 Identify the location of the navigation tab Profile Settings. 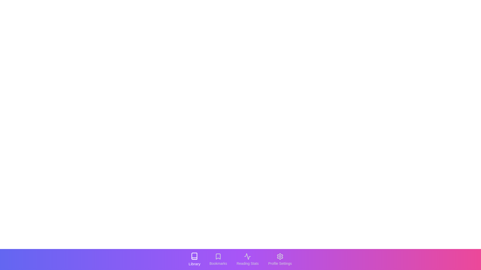
(280, 259).